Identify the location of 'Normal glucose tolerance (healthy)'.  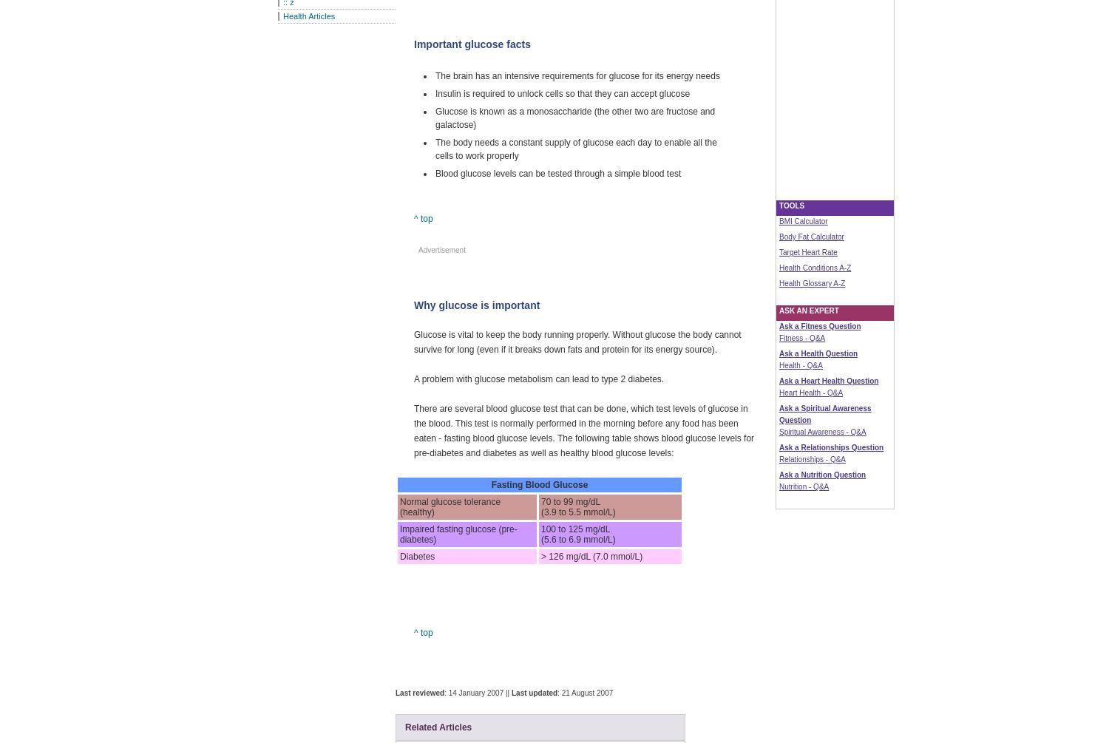
(400, 507).